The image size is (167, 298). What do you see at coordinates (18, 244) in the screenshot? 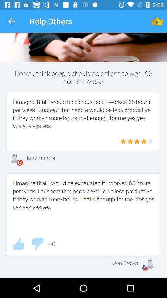
I see `would like that comment` at bounding box center [18, 244].